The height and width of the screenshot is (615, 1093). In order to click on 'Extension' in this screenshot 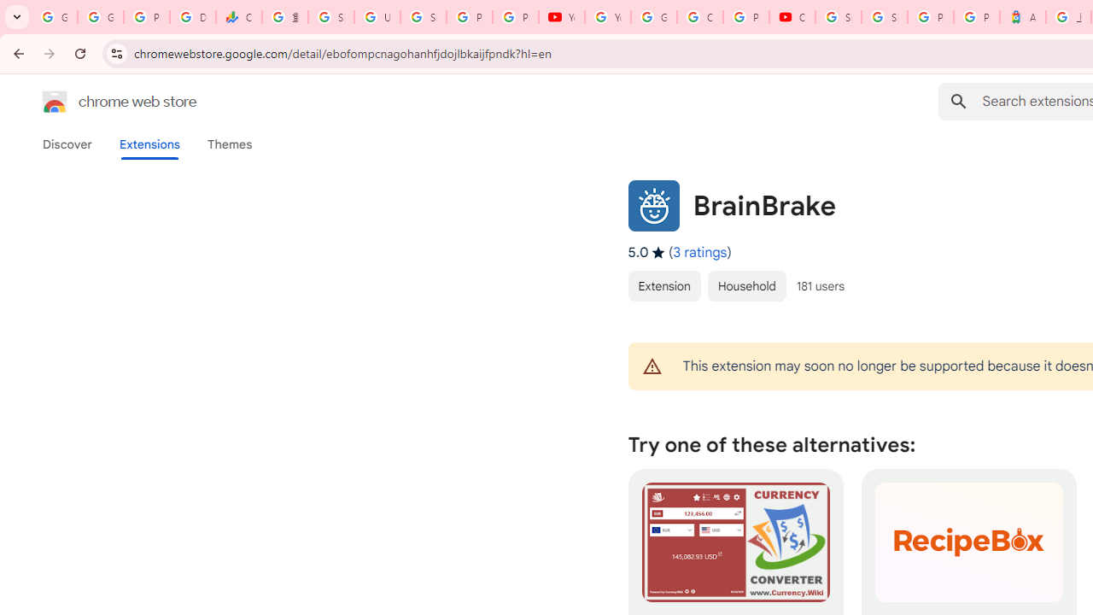, I will do `click(663, 284)`.